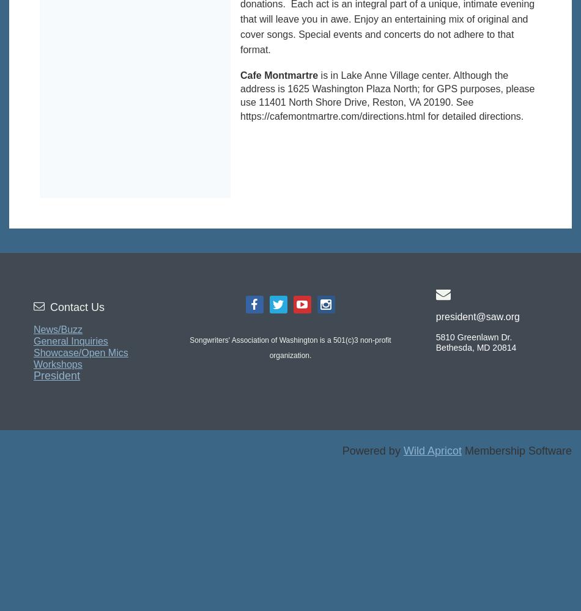 This screenshot has height=611, width=581. I want to click on 'president@saw.org', so click(435, 316).